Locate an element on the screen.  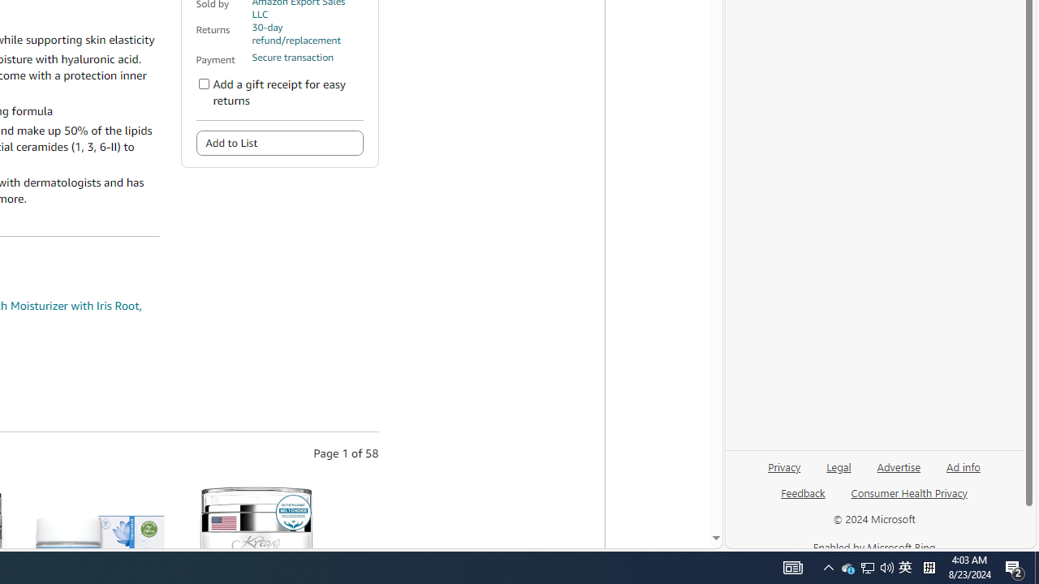
'Consumer Health Privacy' is located at coordinates (909, 498).